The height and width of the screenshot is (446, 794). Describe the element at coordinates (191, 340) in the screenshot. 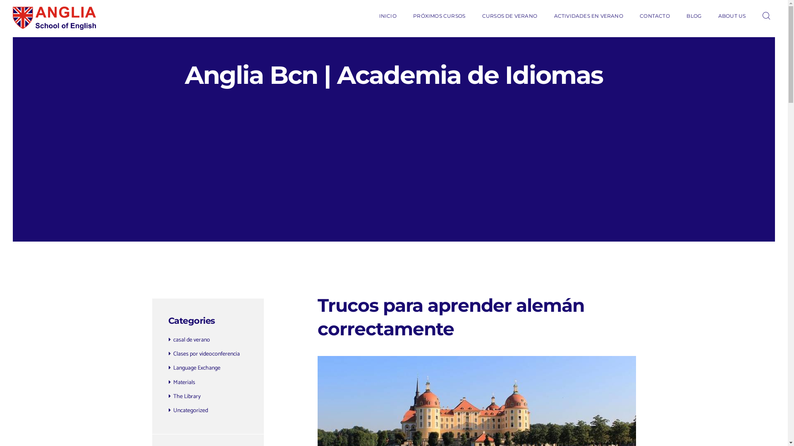

I see `'casal de verano'` at that location.